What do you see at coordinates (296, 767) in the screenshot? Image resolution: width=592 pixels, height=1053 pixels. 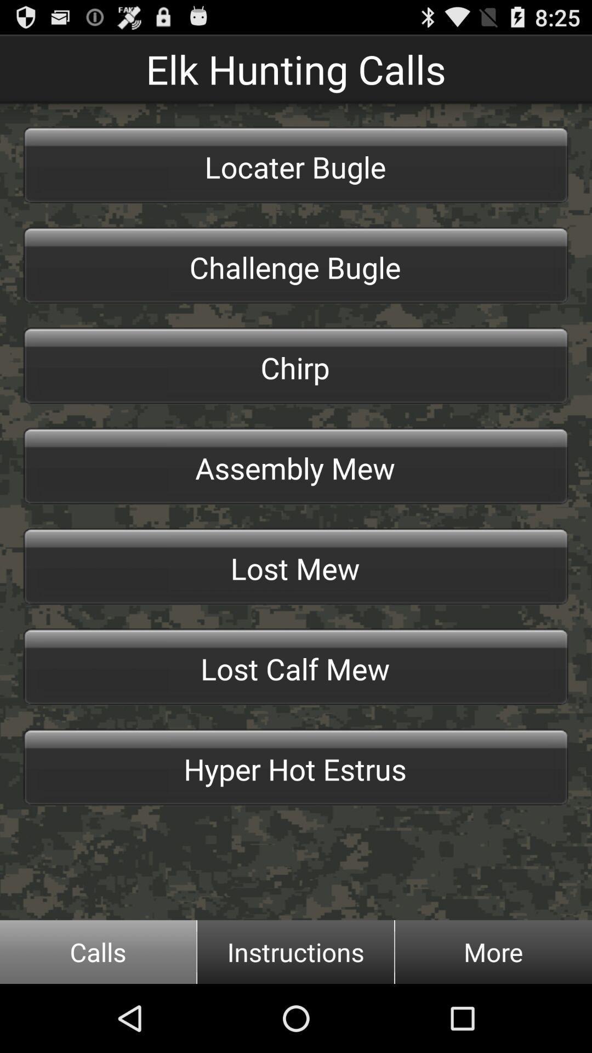 I see `the hyper hot estrus item` at bounding box center [296, 767].